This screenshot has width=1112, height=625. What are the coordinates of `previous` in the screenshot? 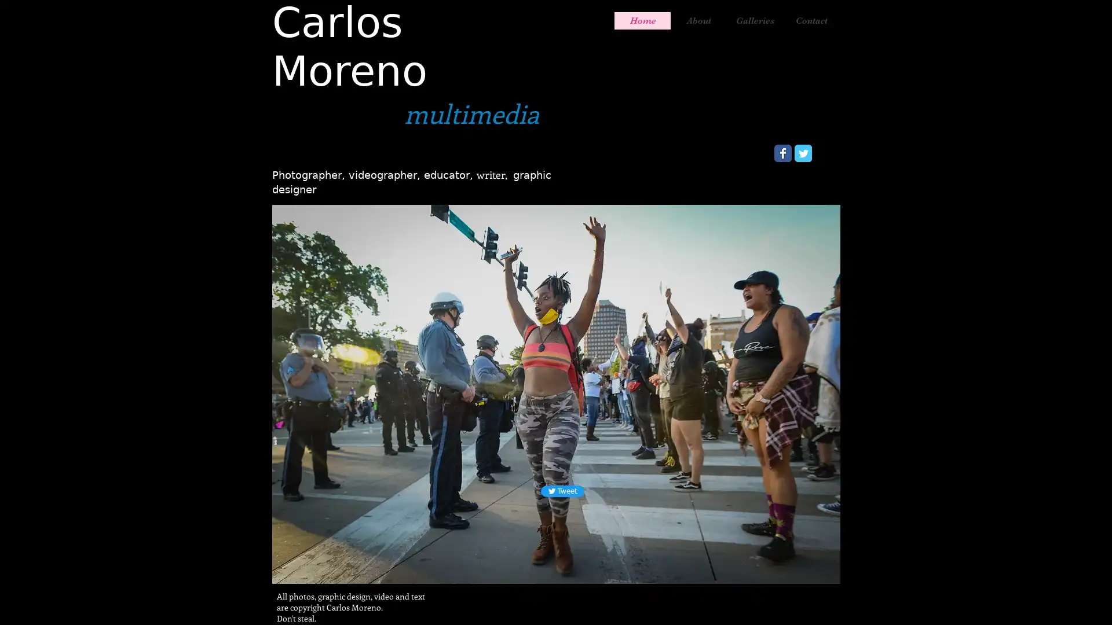 It's located at (297, 392).